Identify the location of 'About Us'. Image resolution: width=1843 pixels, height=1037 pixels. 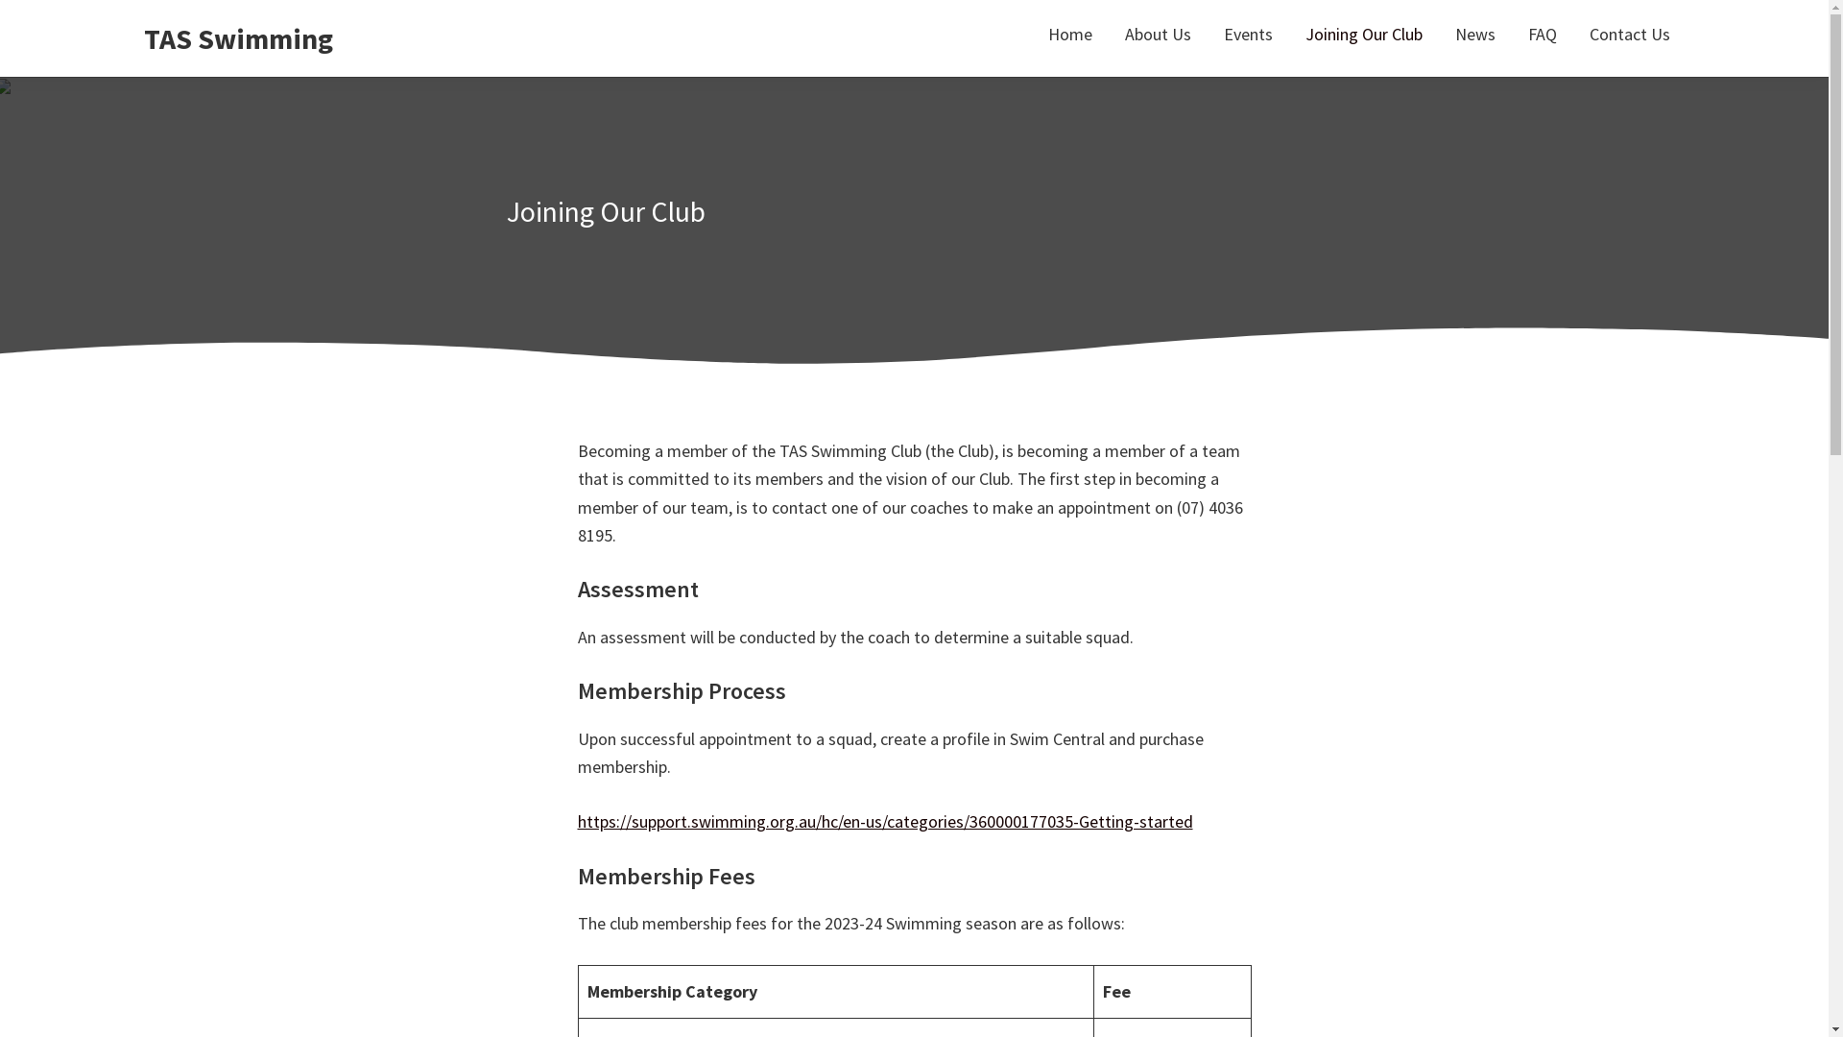
(1157, 34).